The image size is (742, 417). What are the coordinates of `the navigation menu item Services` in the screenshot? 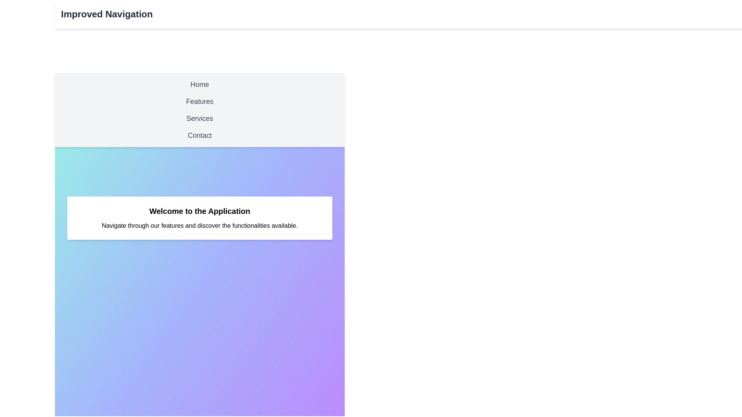 It's located at (200, 119).